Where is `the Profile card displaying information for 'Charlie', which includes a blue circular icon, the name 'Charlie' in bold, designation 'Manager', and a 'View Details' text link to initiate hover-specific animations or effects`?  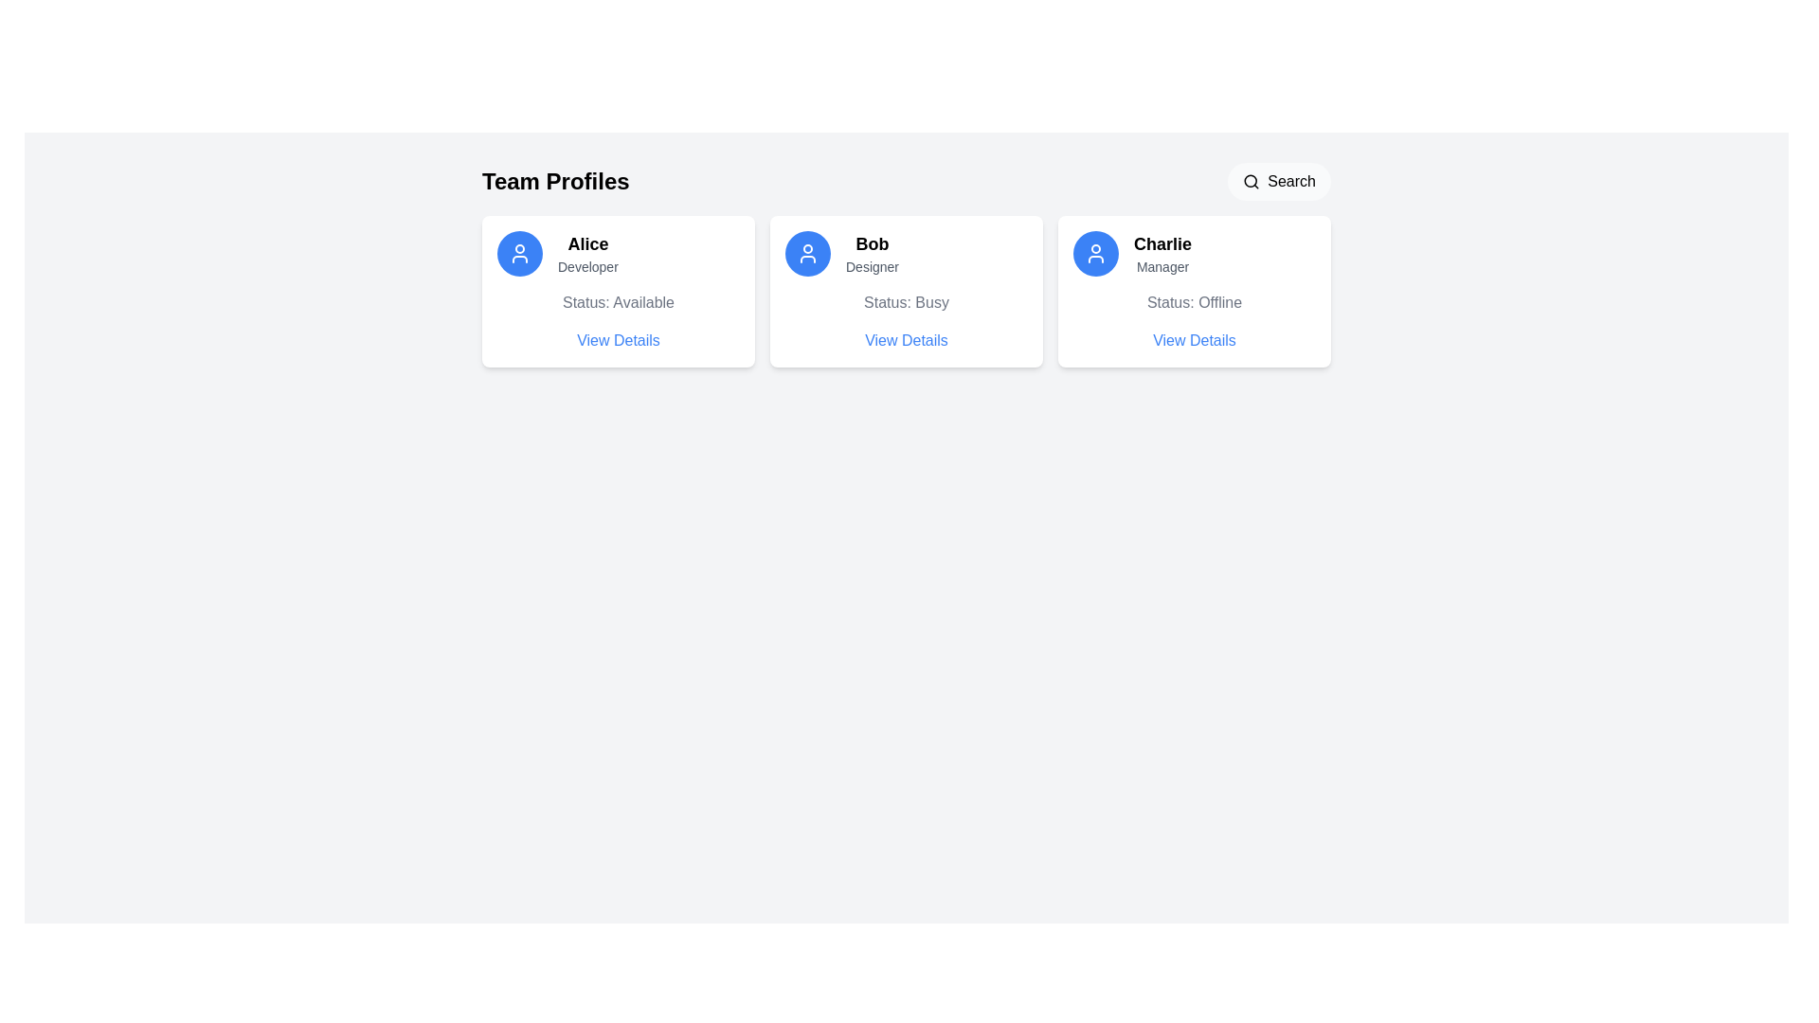
the Profile card displaying information for 'Charlie', which includes a blue circular icon, the name 'Charlie' in bold, designation 'Manager', and a 'View Details' text link to initiate hover-specific animations or effects is located at coordinates (1194, 292).